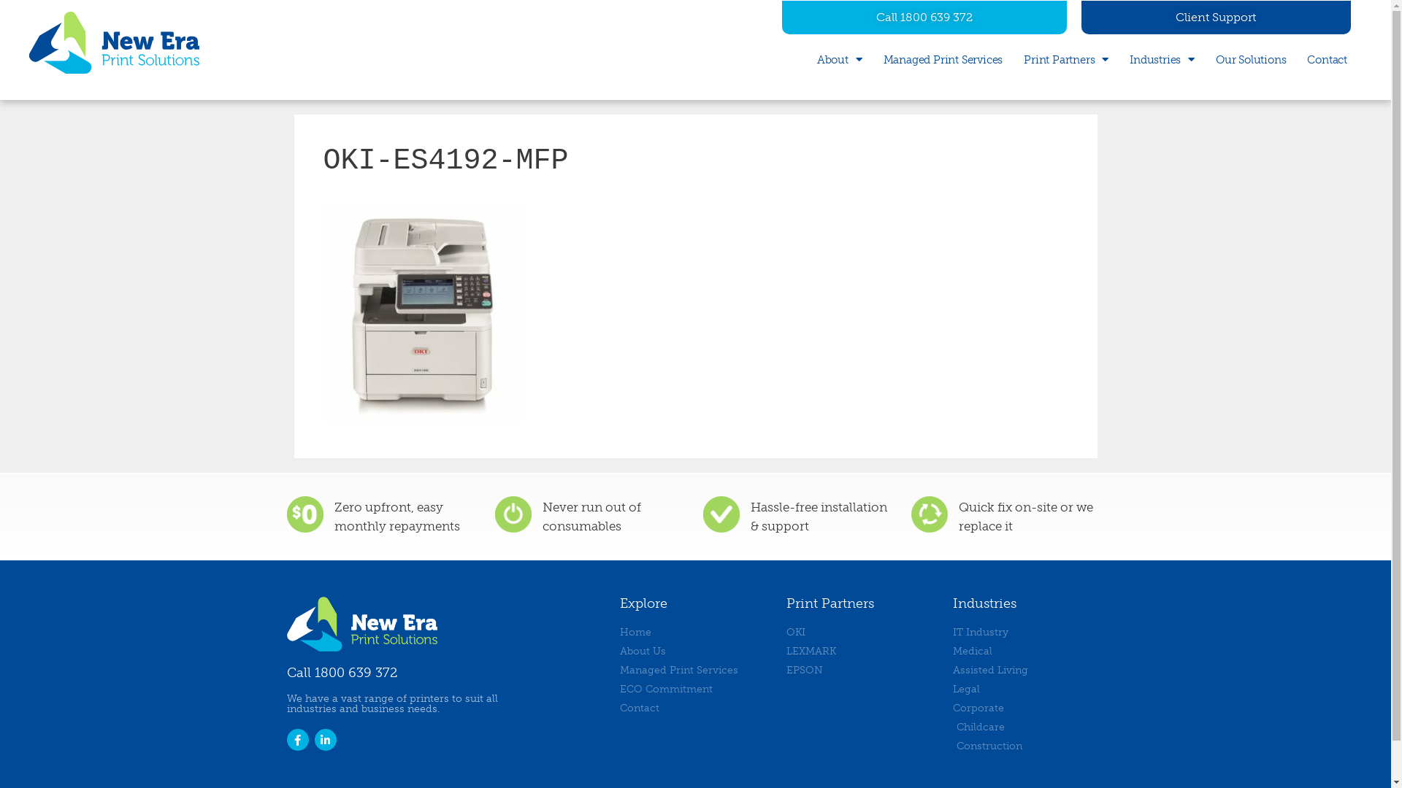 The height and width of the screenshot is (788, 1402). What do you see at coordinates (1216, 17) in the screenshot?
I see `'Client Support'` at bounding box center [1216, 17].